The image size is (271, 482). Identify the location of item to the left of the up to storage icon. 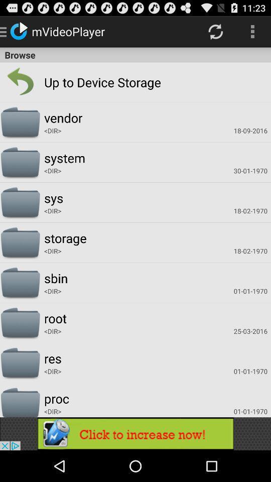
(20, 81).